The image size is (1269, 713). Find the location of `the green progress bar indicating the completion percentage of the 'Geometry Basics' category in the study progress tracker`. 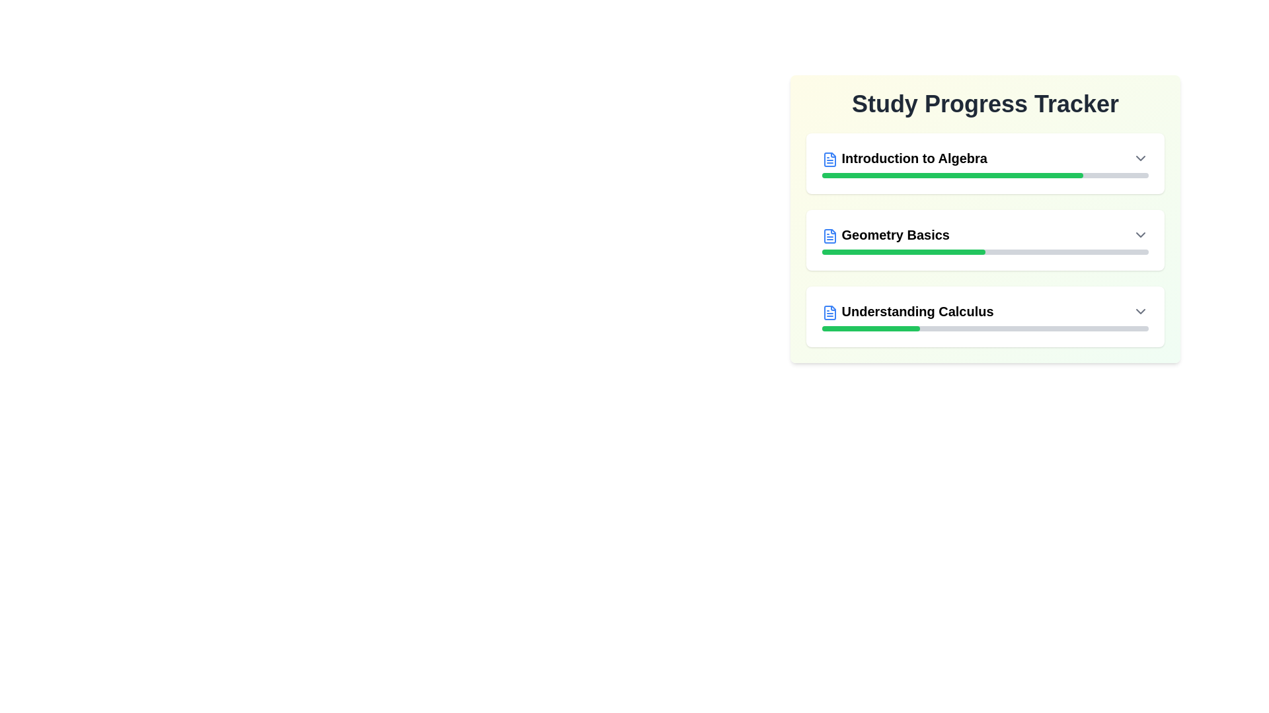

the green progress bar indicating the completion percentage of the 'Geometry Basics' category in the study progress tracker is located at coordinates (952, 175).